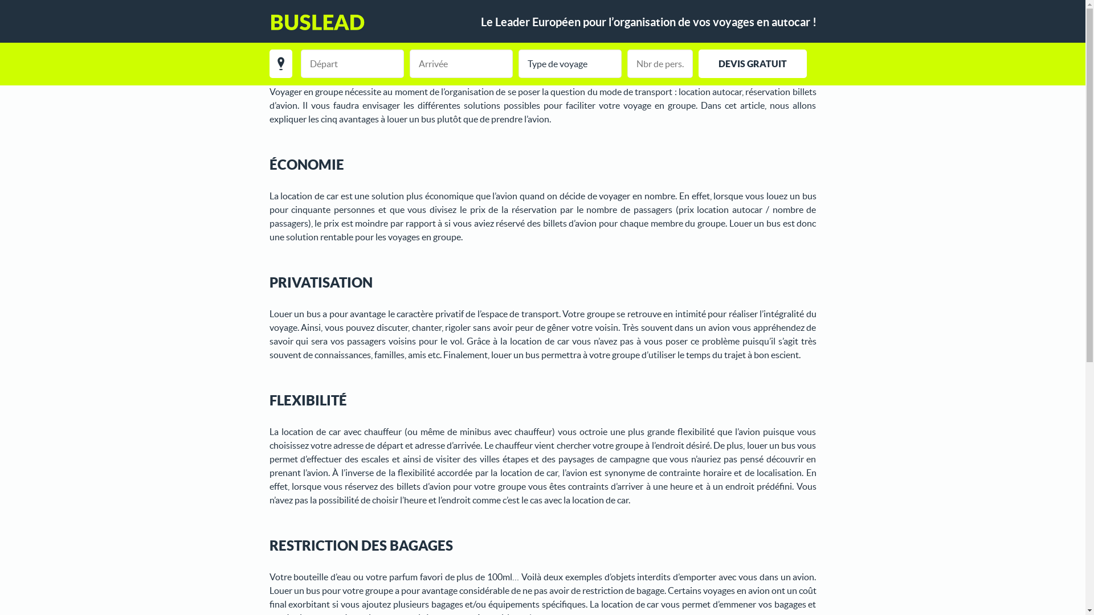 This screenshot has height=615, width=1094. I want to click on 'DEVIS GRATUIT', so click(752, 63).